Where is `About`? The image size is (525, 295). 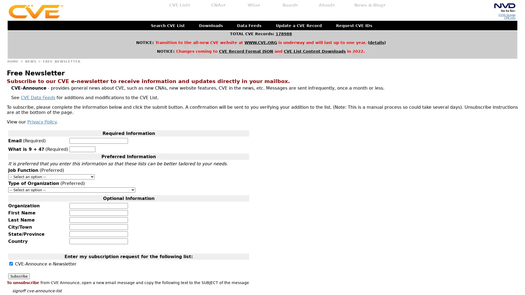 About is located at coordinates (327, 5).